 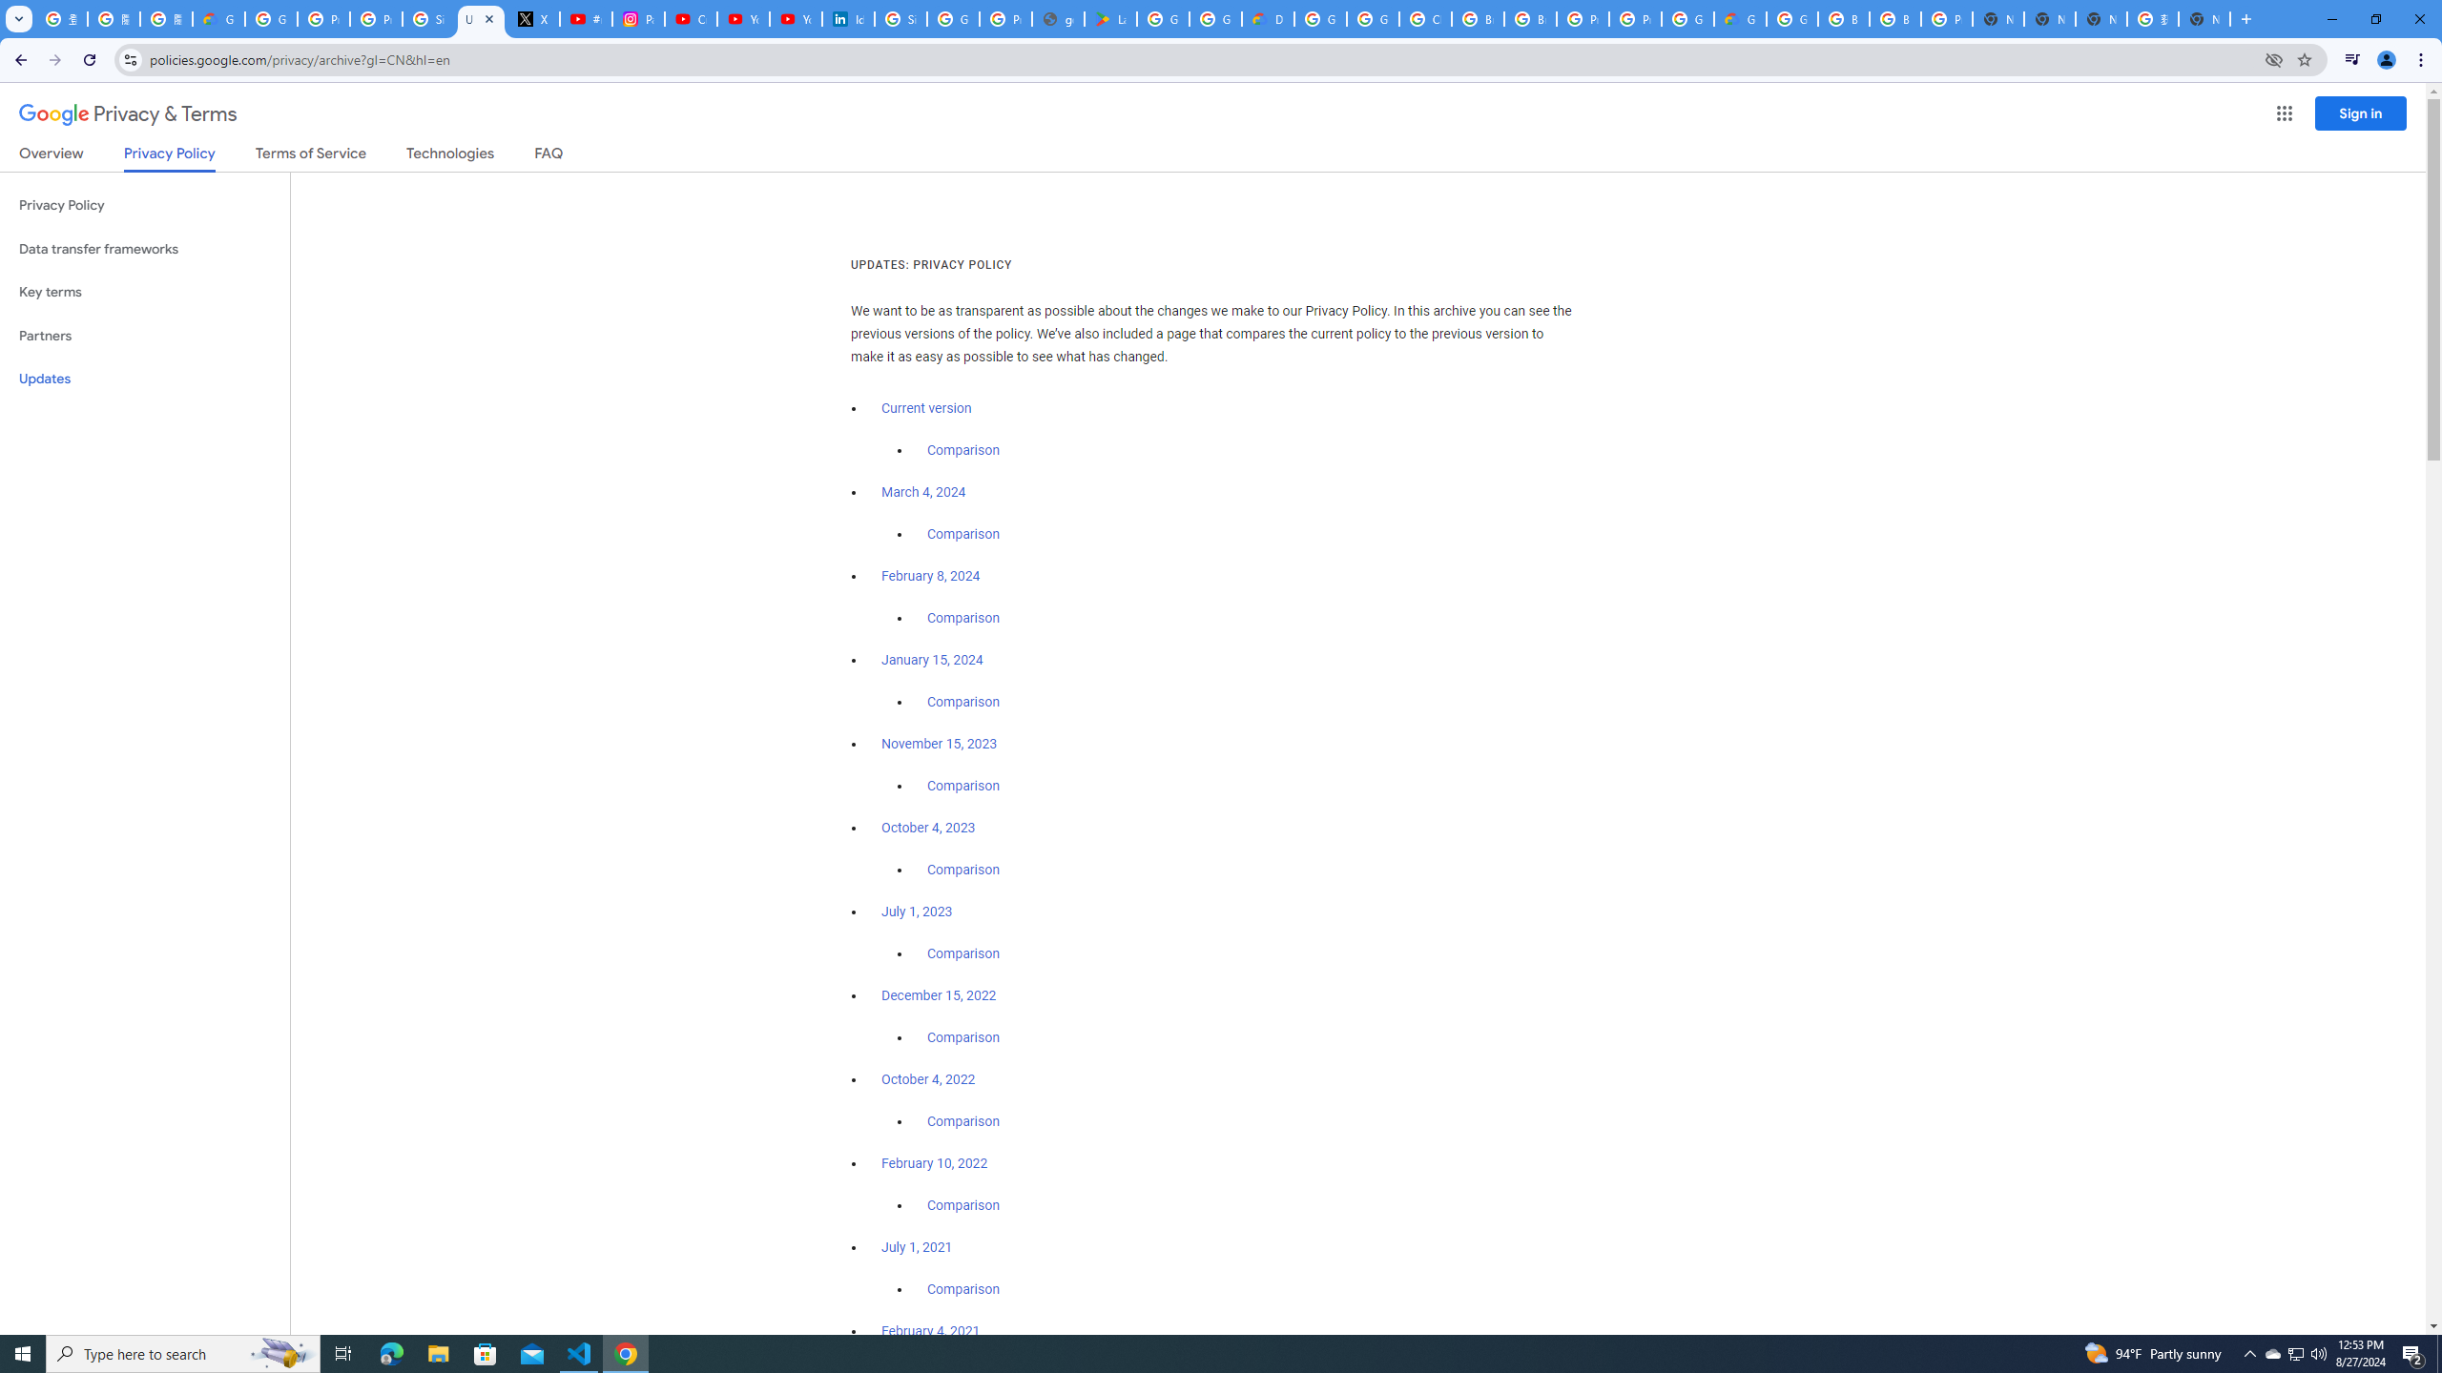 I want to click on 'December 15, 2022', so click(x=938, y=994).